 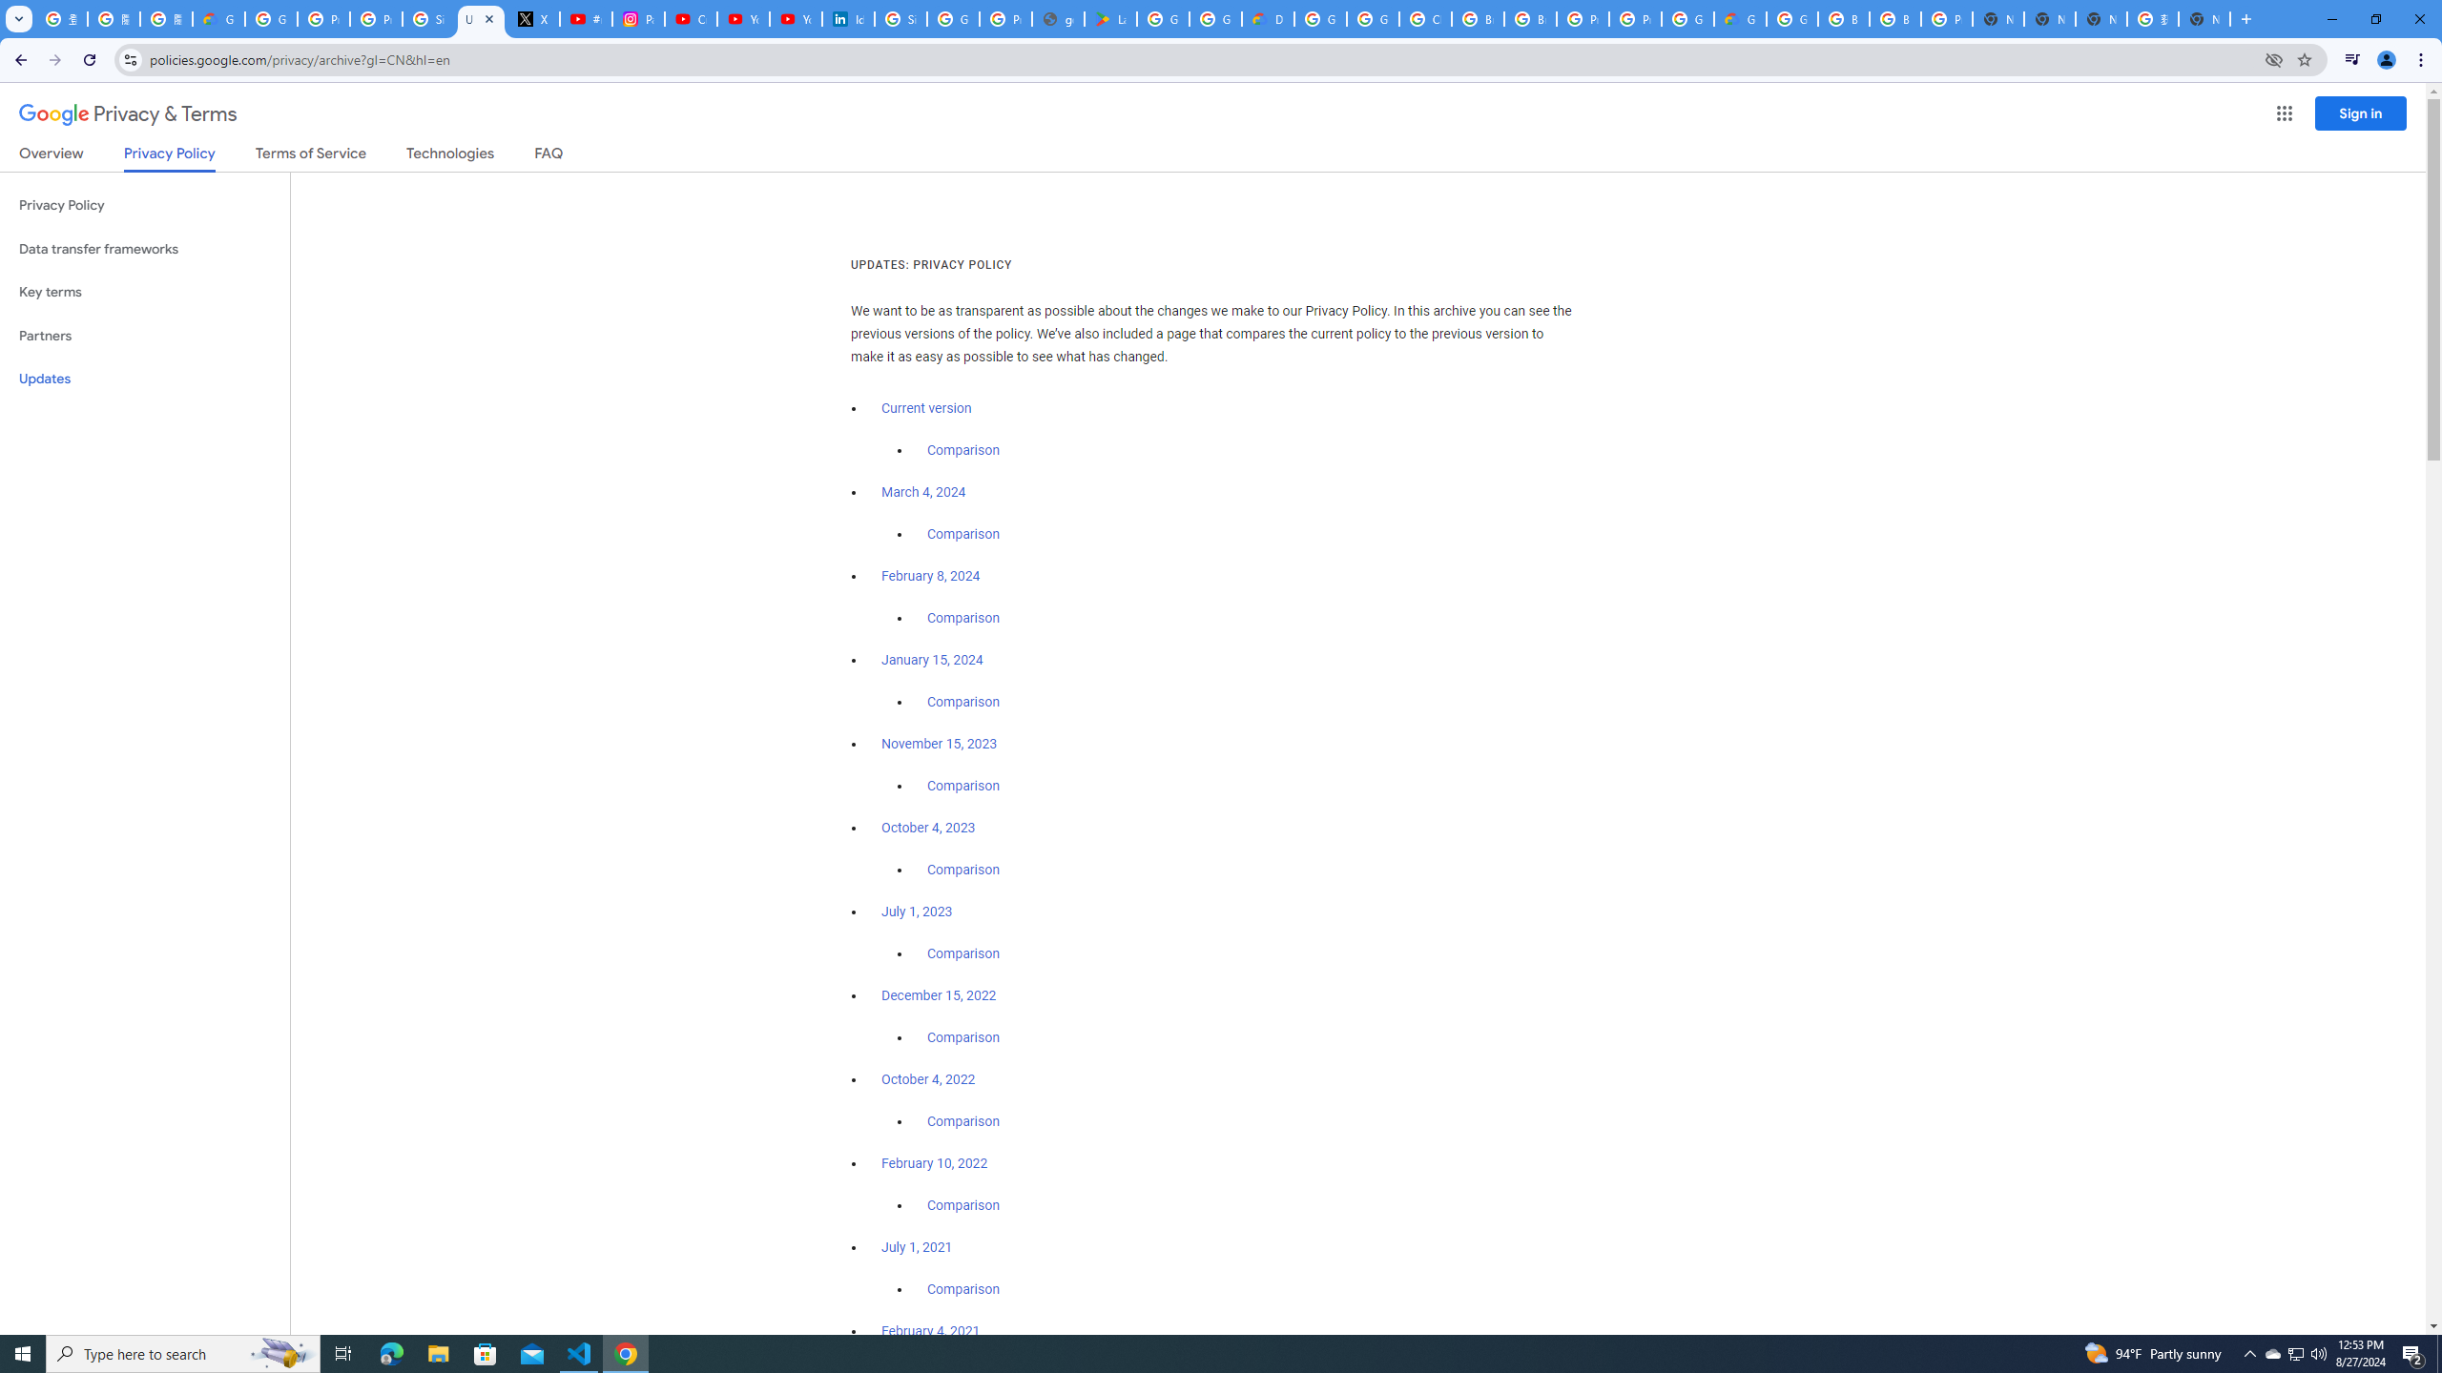 I want to click on 'December 15, 2022', so click(x=938, y=994).